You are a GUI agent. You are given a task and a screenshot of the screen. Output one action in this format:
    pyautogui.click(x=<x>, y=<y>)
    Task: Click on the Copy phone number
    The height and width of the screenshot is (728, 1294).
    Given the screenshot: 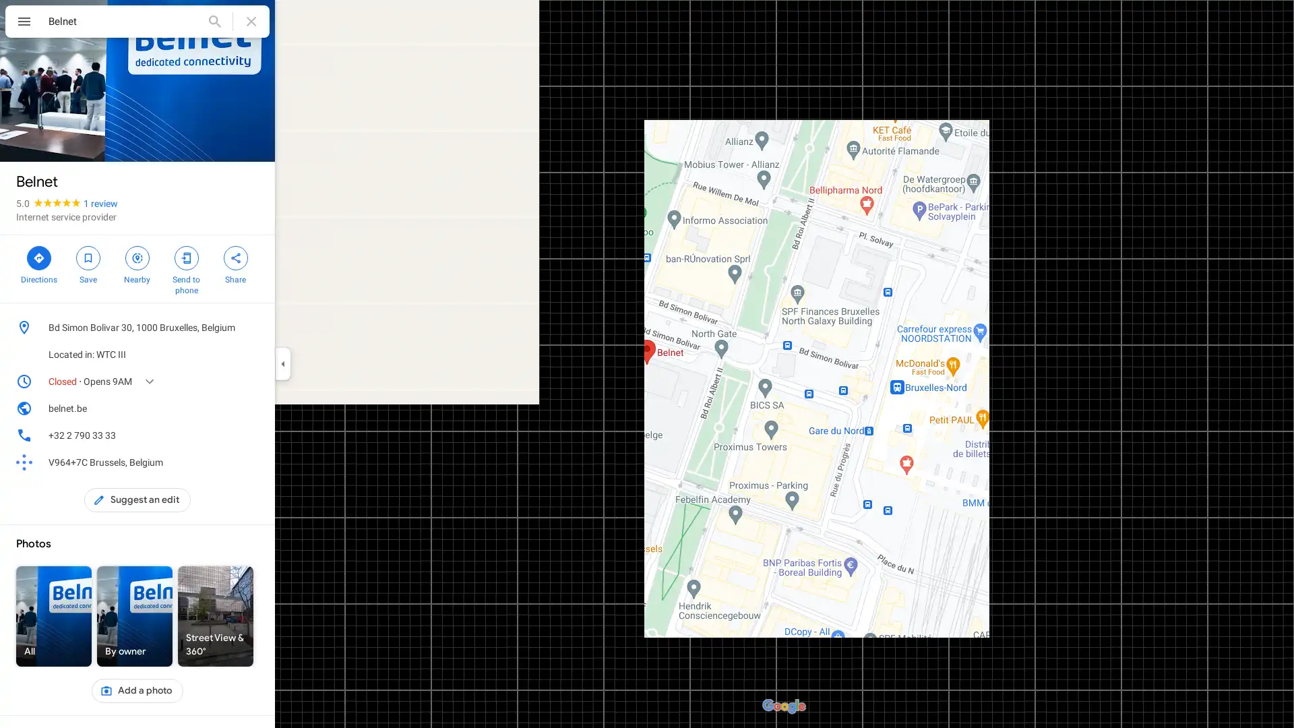 What is the action you would take?
    pyautogui.click(x=232, y=435)
    